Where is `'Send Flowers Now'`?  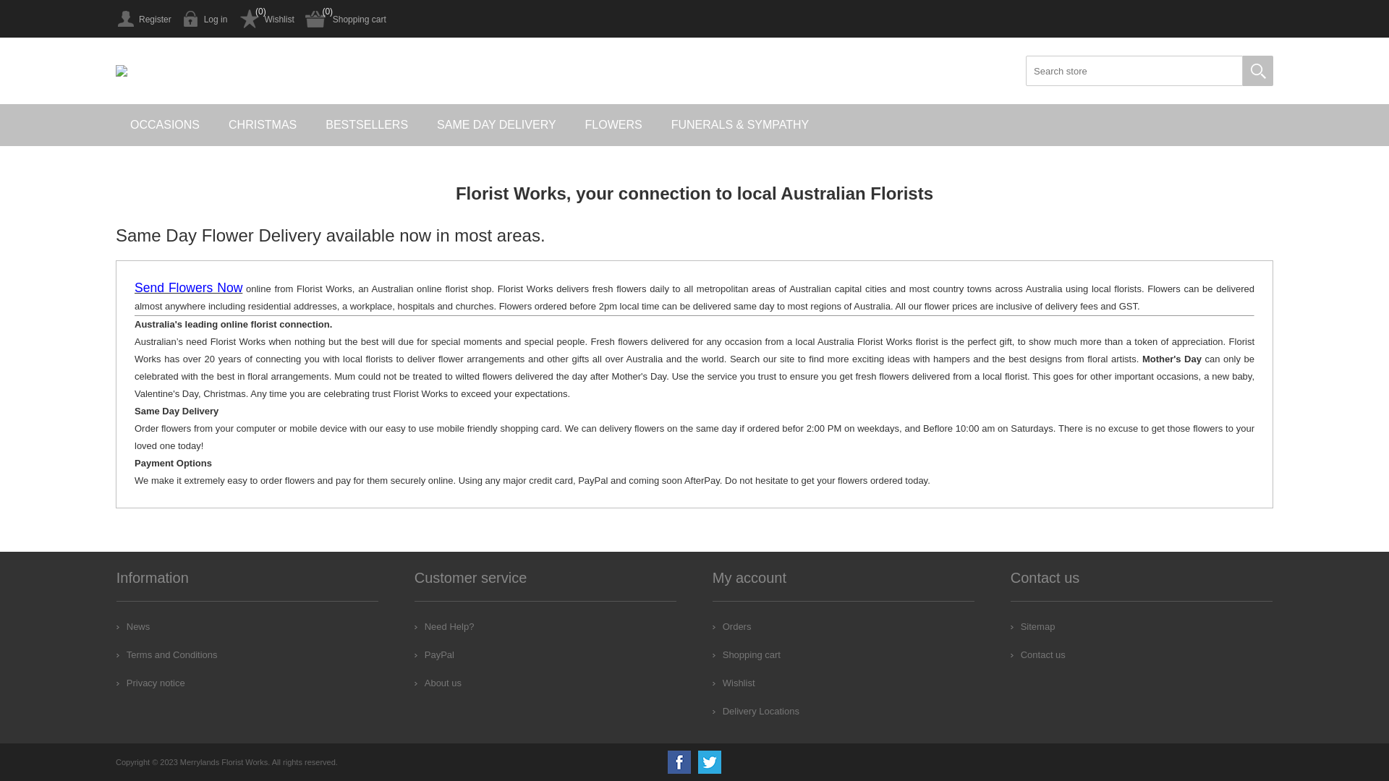
'Send Flowers Now' is located at coordinates (187, 289).